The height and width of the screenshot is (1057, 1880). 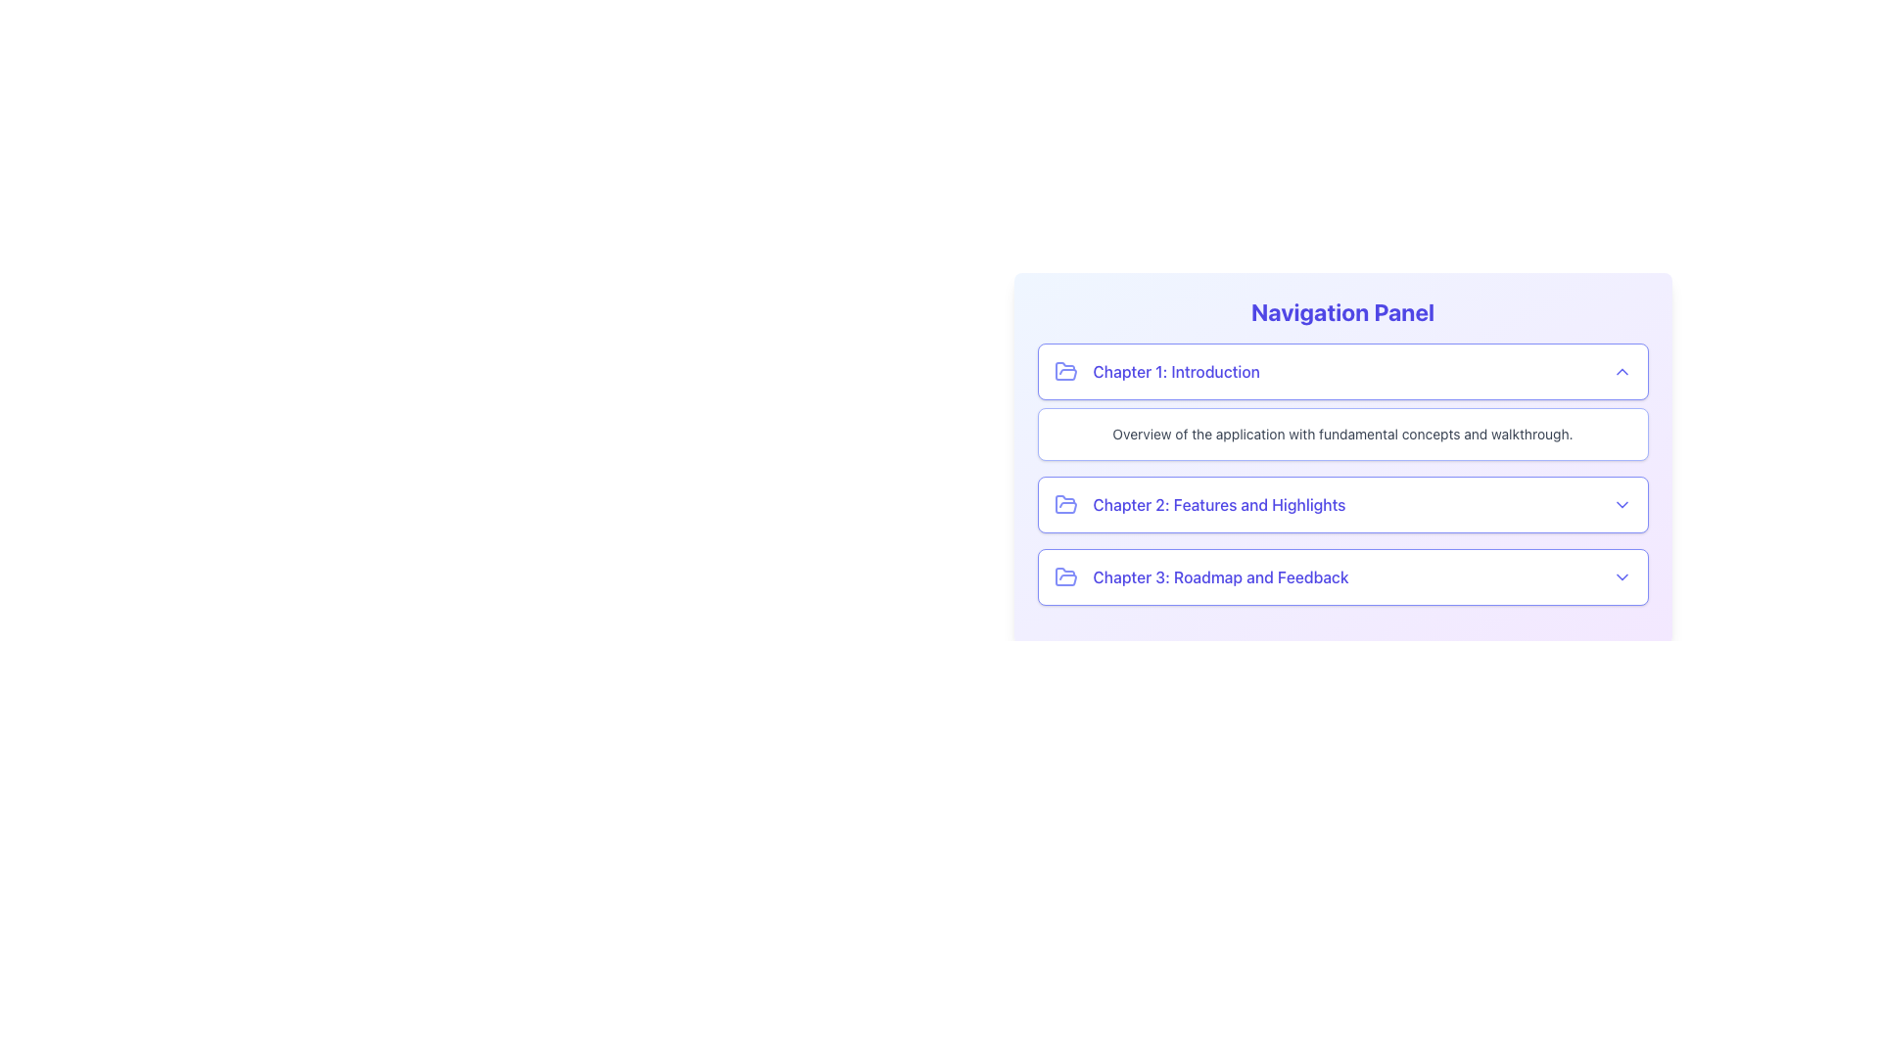 What do you see at coordinates (1341, 372) in the screenshot?
I see `the 'Chapter 1: Introduction' button in the navigation panel for keyboard navigation` at bounding box center [1341, 372].